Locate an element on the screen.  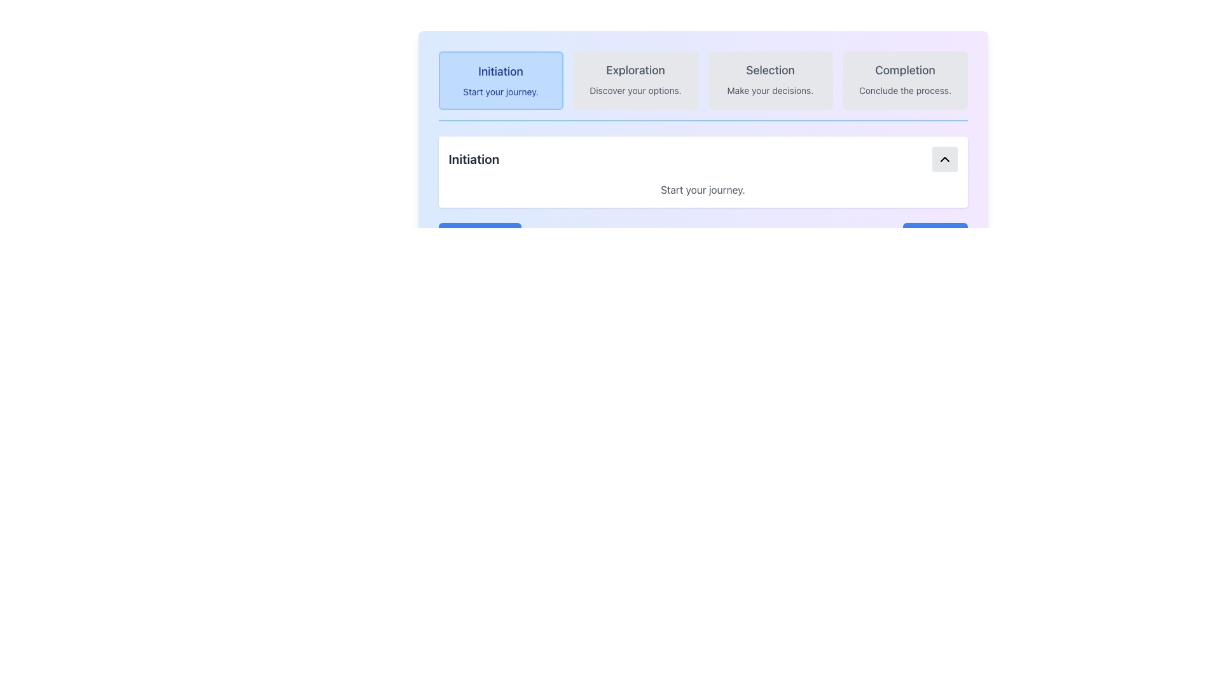
the 'Exploration' heading text element located in the second gray rectangular block at the top of the page, which serves as a descriptive section title is located at coordinates (635, 71).